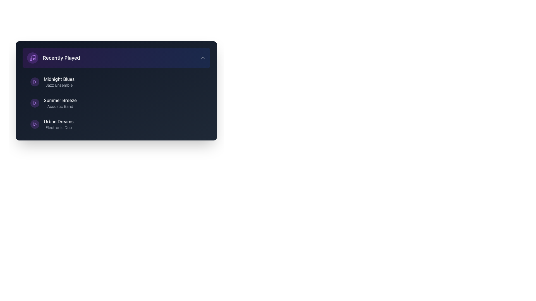 This screenshot has width=536, height=301. I want to click on the circular ellipsis button located at the bottom-right corner of the card interface, so click(202, 82).